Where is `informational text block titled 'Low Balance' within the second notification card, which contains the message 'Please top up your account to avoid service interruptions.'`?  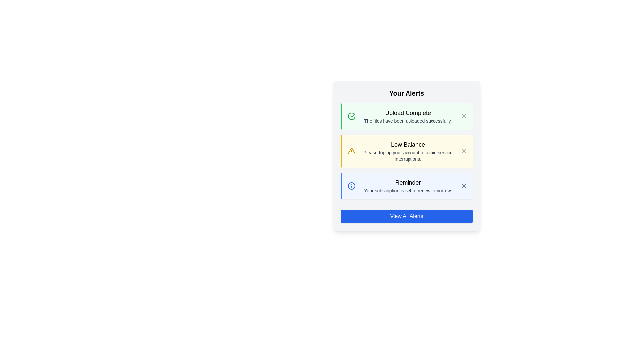 informational text block titled 'Low Balance' within the second notification card, which contains the message 'Please top up your account to avoid service interruptions.' is located at coordinates (408, 151).